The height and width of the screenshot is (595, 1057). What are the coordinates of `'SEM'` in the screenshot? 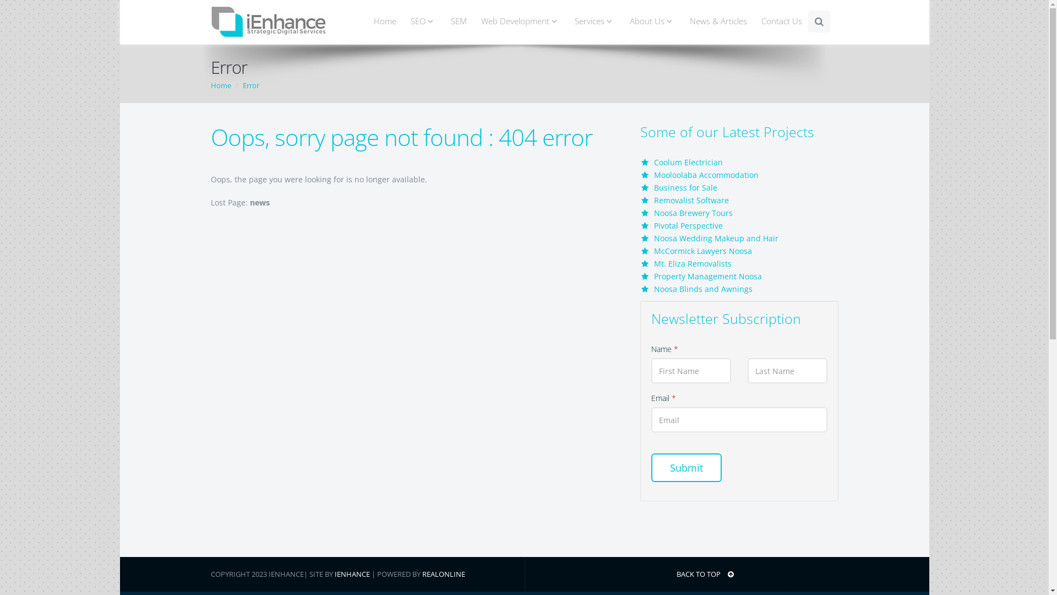 It's located at (443, 21).